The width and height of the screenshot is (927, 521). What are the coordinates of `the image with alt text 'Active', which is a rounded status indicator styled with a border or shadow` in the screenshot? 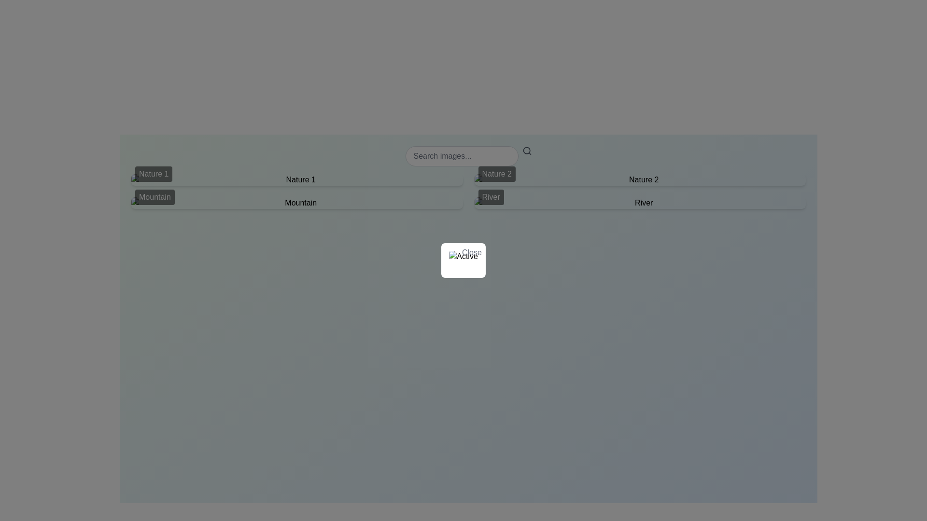 It's located at (463, 256).